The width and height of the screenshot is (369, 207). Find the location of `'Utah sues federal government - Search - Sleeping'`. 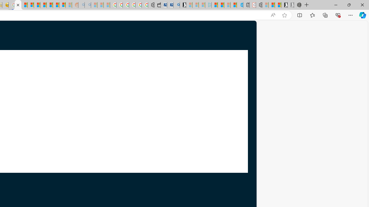

'Utah sues federal government - Search - Sleeping' is located at coordinates (87, 5).